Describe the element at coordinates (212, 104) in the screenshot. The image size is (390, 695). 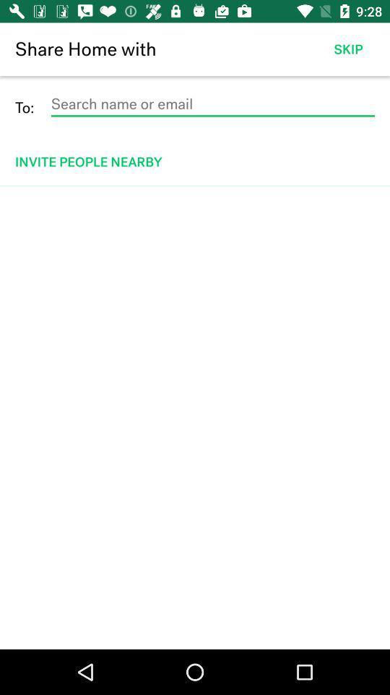
I see `to search people by name or email` at that location.